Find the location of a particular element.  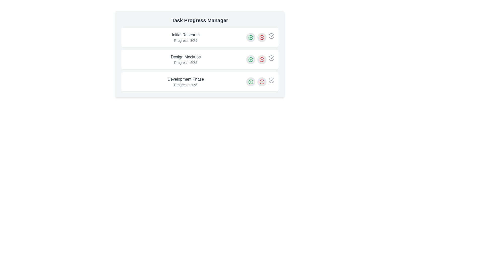

the checkmark icon within the 'Design Mockups' row, which indicates task progress or confirmation is located at coordinates (272, 57).